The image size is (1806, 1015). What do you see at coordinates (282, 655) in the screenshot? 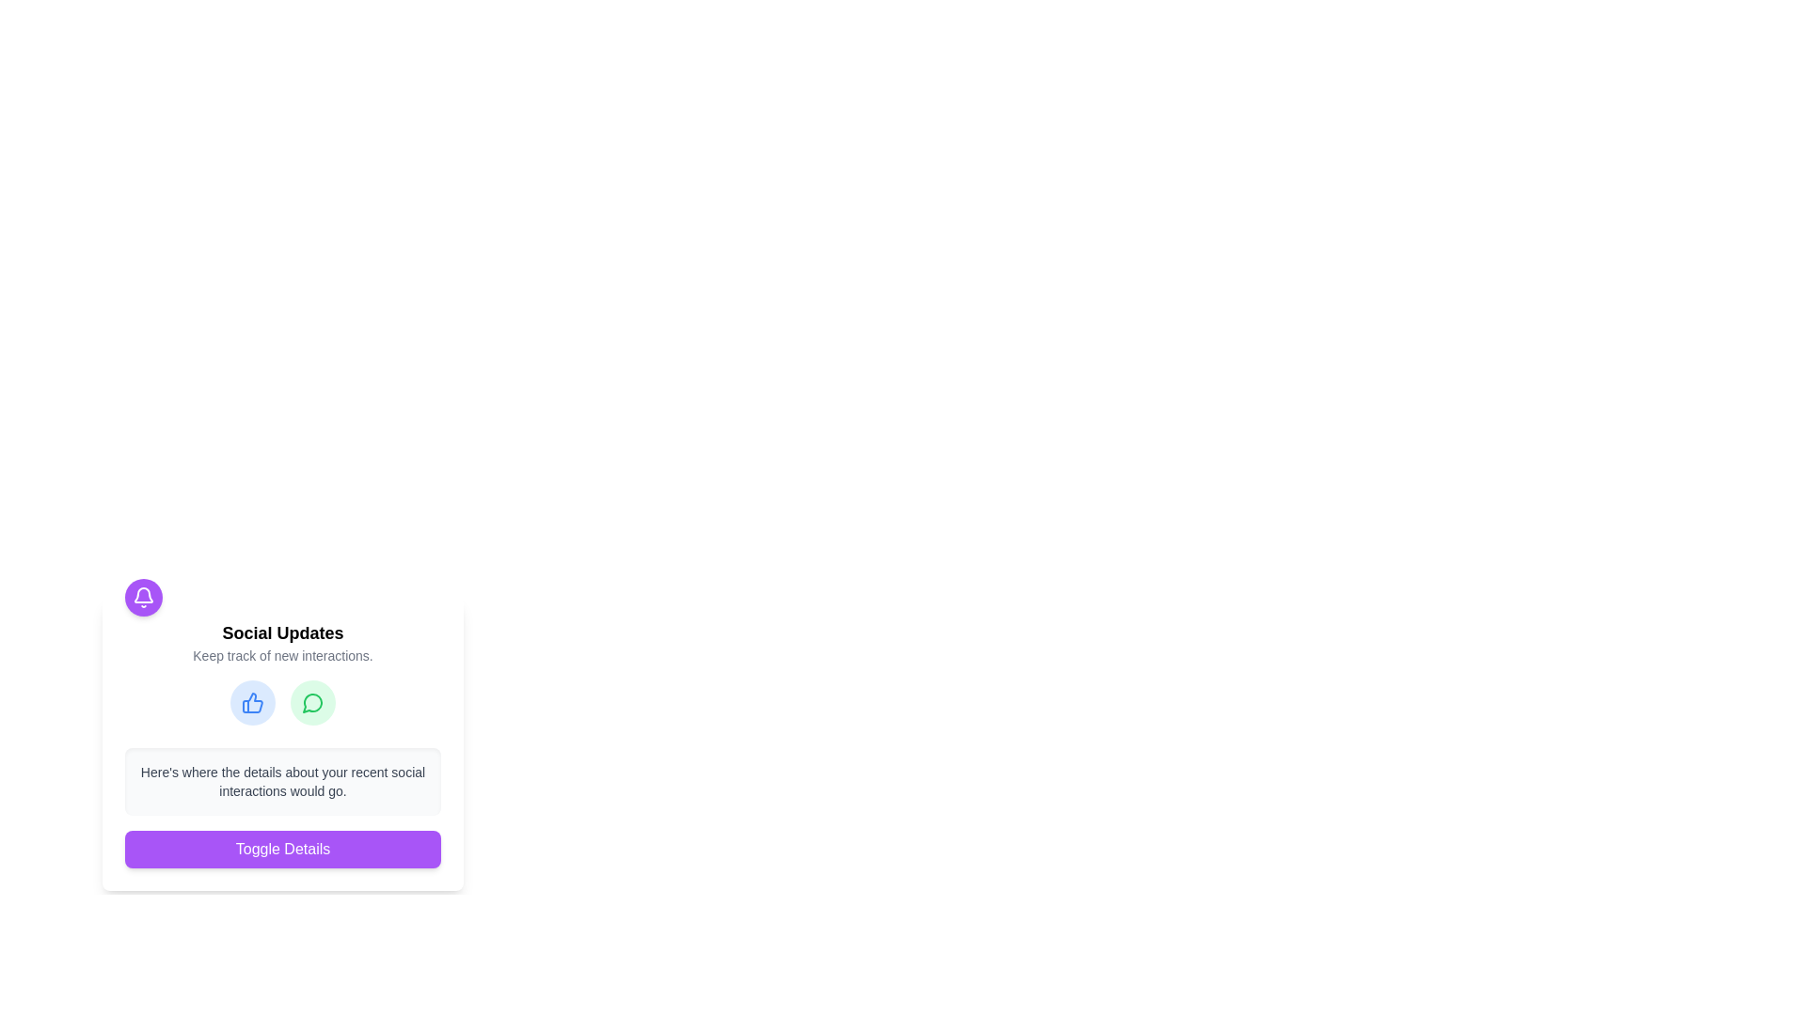
I see `the gray text label that says 'Keep track of new interactions.' located below the heading 'Social Updates.'` at bounding box center [282, 655].